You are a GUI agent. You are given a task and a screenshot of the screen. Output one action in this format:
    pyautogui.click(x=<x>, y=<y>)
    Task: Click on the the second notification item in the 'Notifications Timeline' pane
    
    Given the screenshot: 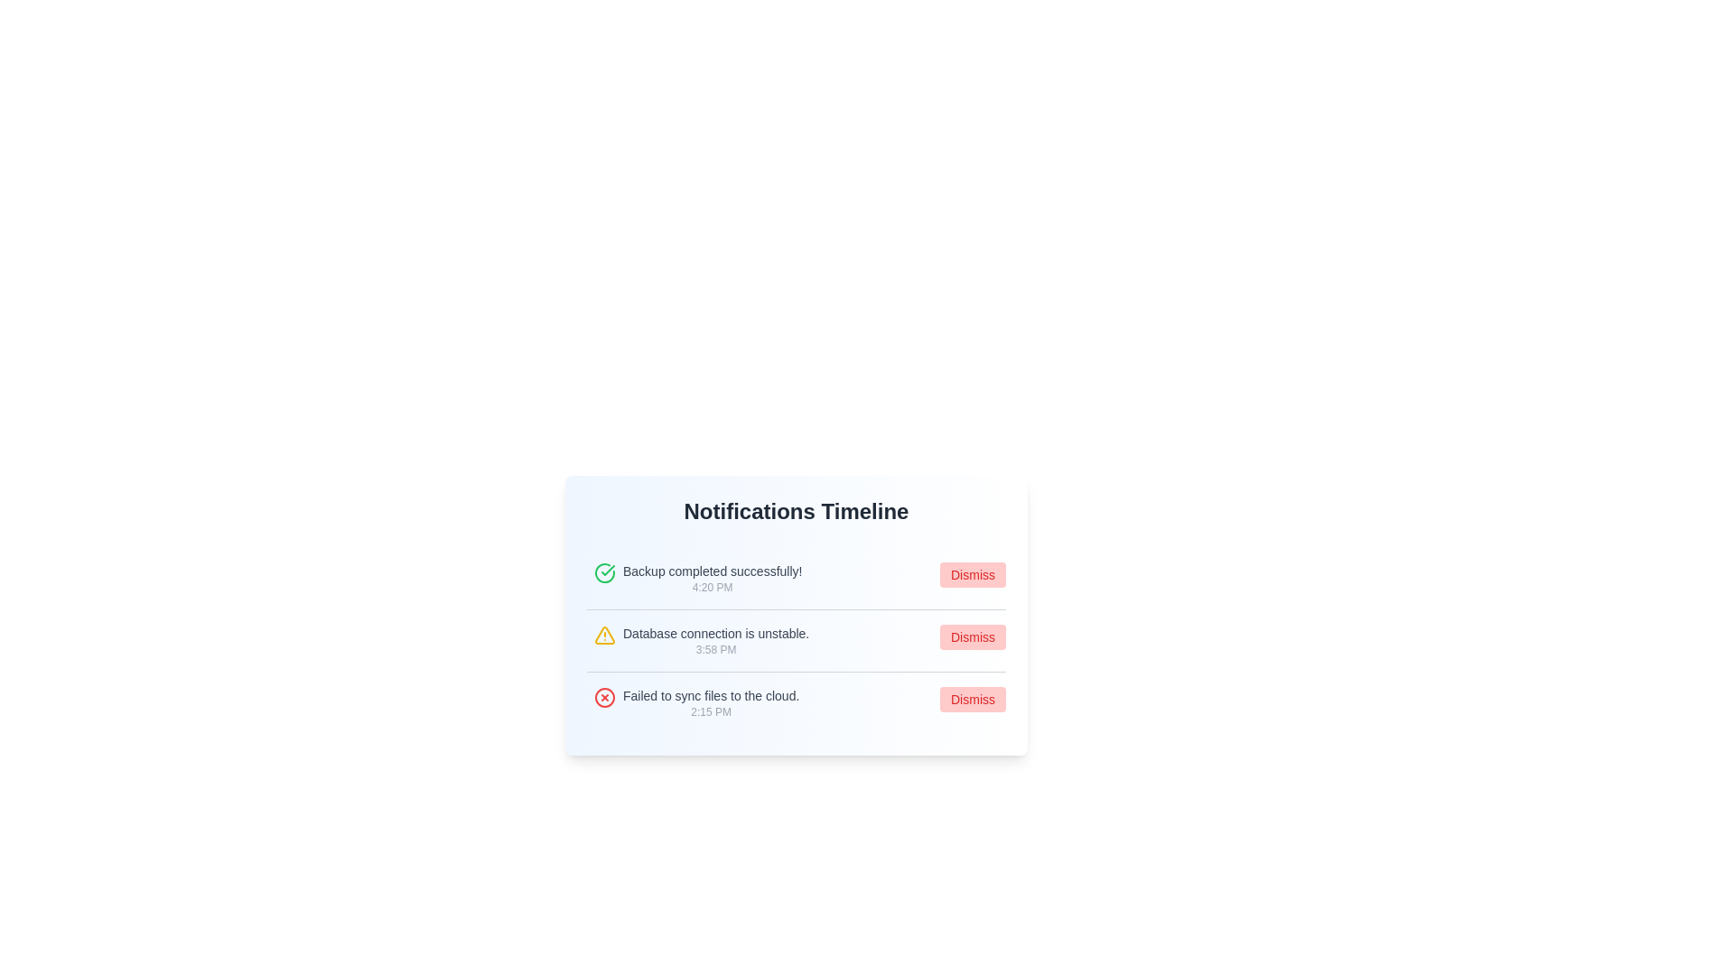 What is the action you would take?
    pyautogui.click(x=697, y=639)
    